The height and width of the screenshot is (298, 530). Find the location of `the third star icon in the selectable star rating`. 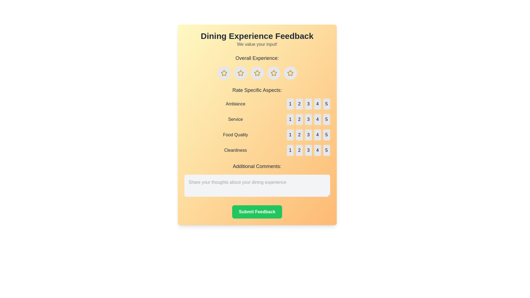

the third star icon in the selectable star rating is located at coordinates (257, 73).